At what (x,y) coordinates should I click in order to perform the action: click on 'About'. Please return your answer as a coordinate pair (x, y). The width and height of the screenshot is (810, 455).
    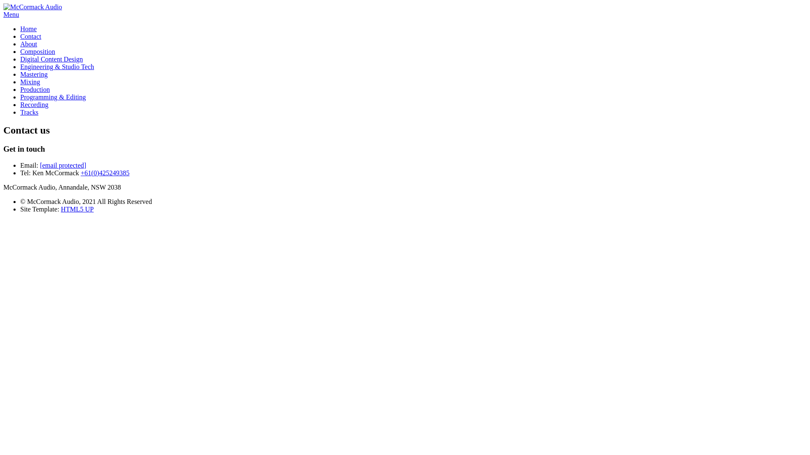
    Looking at the image, I should click on (28, 44).